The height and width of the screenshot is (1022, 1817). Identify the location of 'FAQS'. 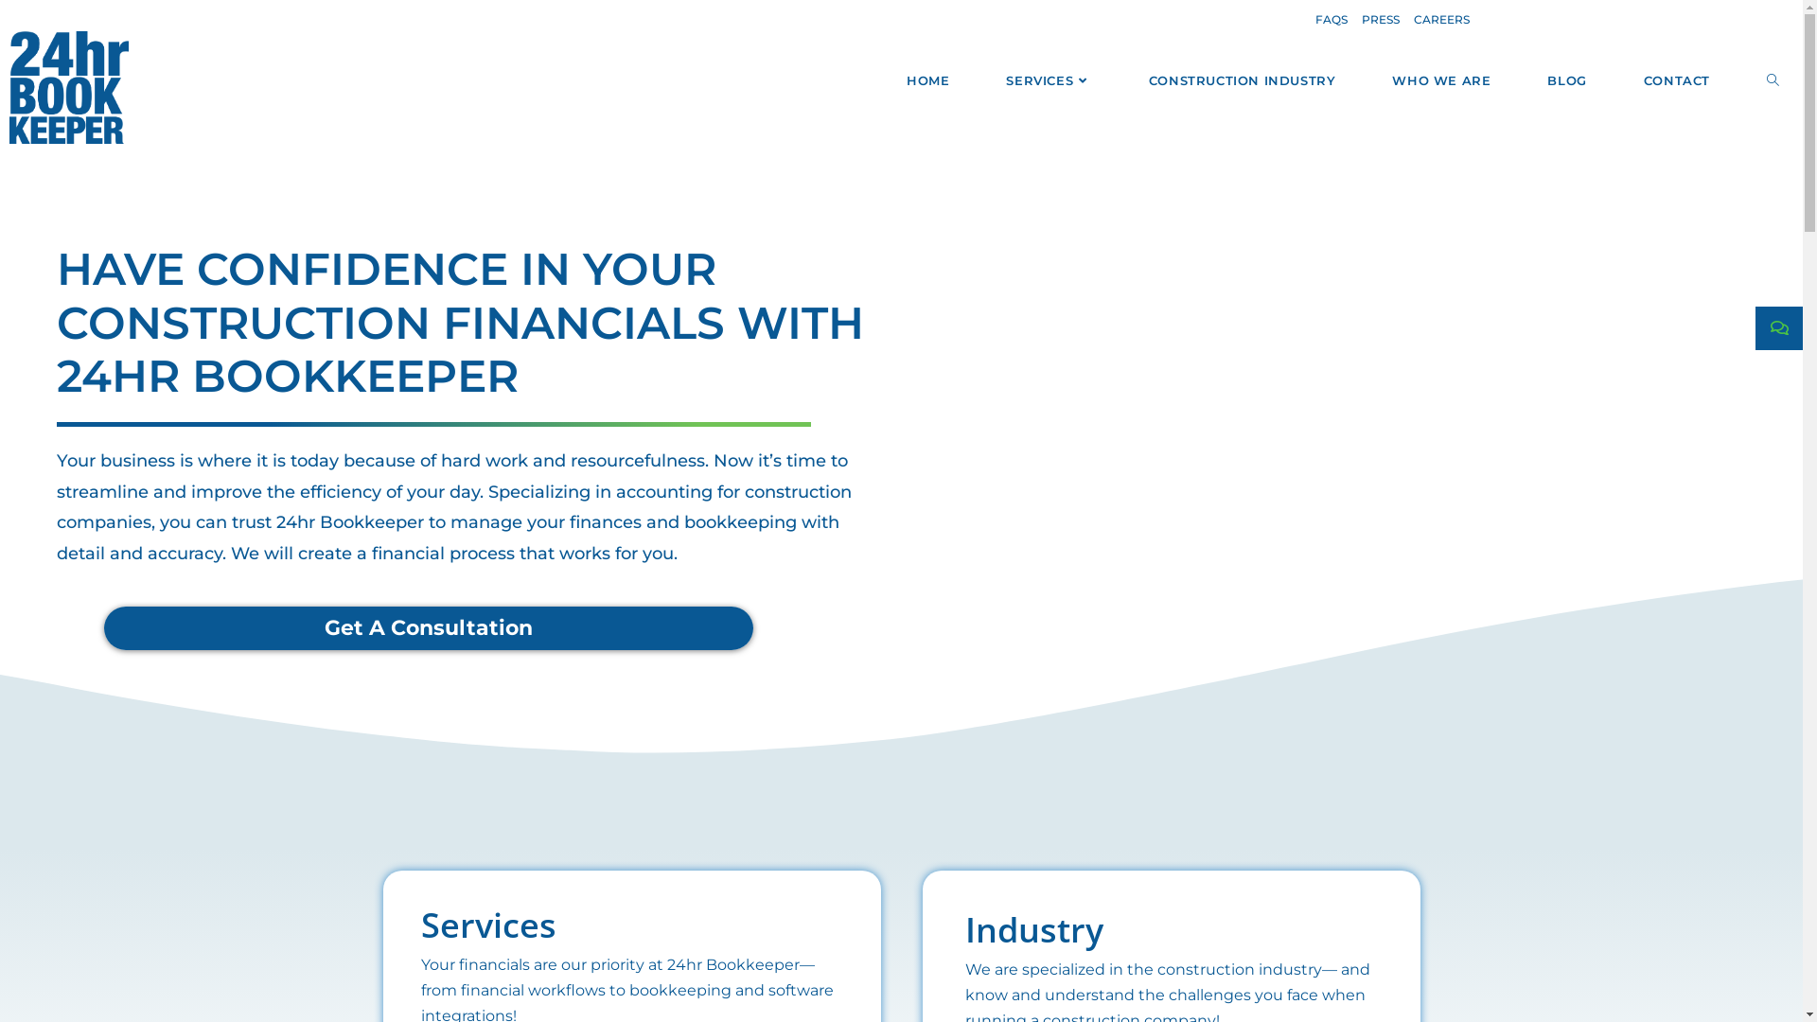
(1330, 19).